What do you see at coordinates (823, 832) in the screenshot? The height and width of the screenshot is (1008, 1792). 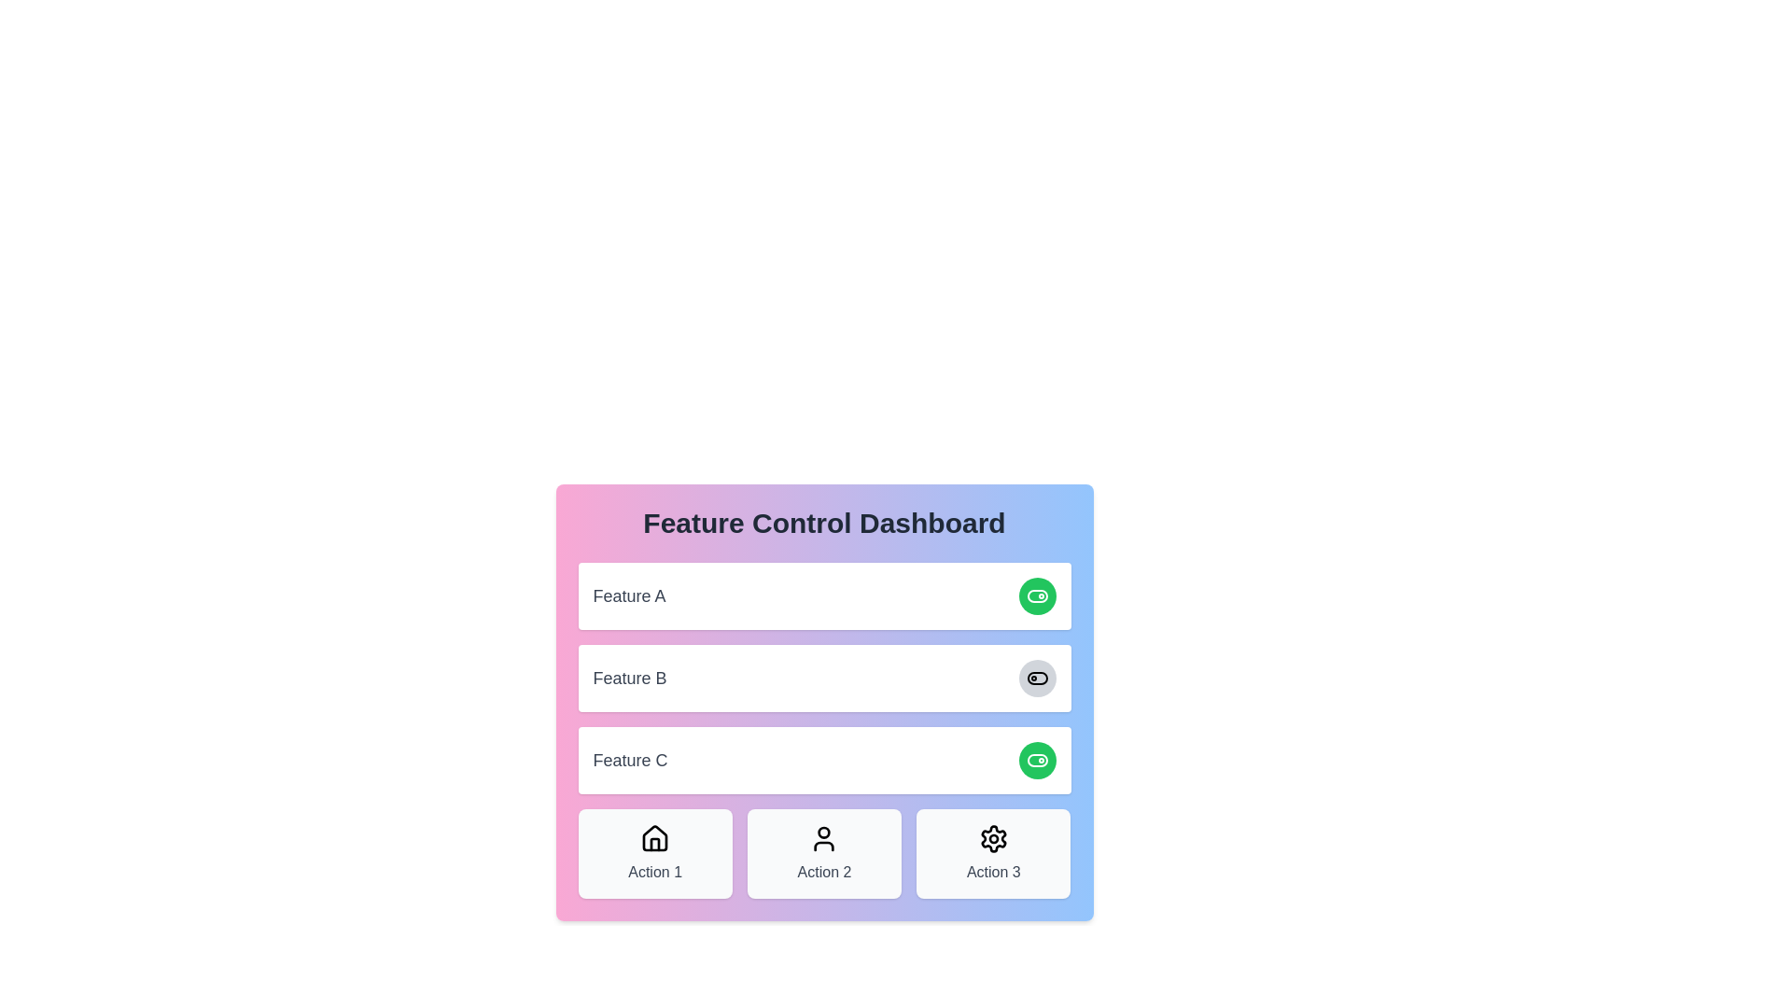 I see `the circular vector graphic representing the head portion of the user avatar, which is centrally aligned within the 'Action 2' section of the footer action buttons` at bounding box center [823, 832].